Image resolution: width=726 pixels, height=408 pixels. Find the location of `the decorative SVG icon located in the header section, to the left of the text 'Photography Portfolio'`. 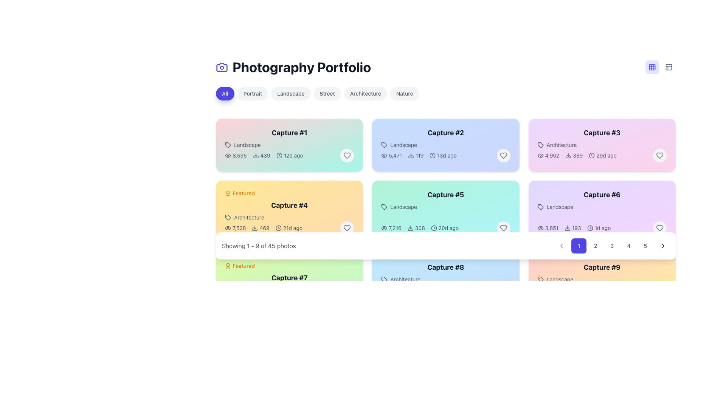

the decorative SVG icon located in the header section, to the left of the text 'Photography Portfolio' is located at coordinates (221, 66).